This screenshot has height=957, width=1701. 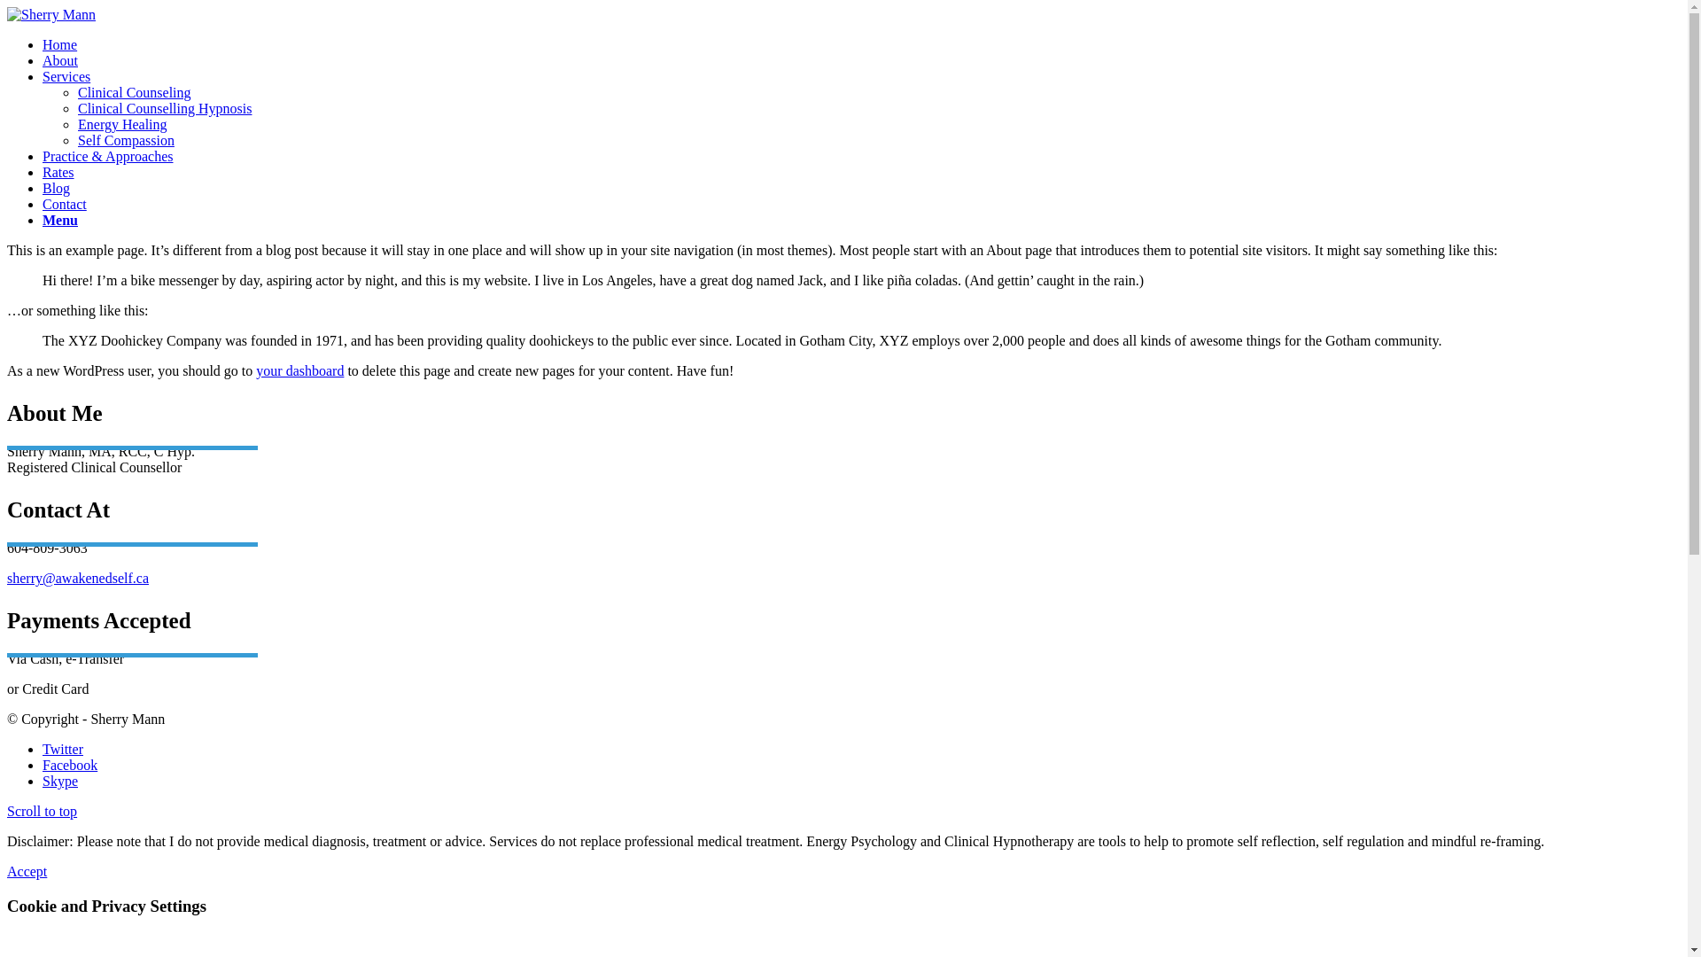 I want to click on 'sherry@awakenedself.ca', so click(x=76, y=578).